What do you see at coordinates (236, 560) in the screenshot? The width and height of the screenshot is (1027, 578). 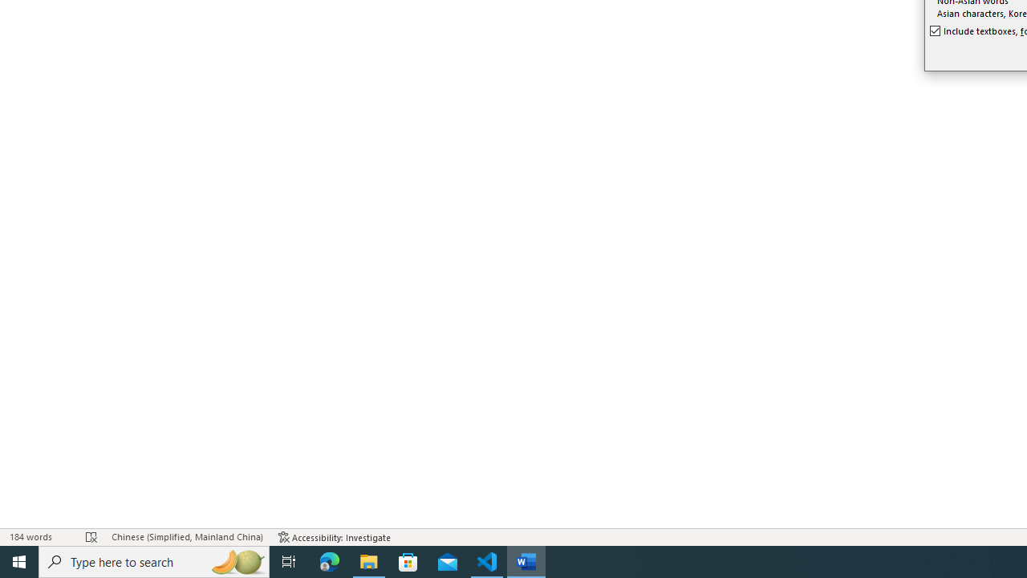 I see `'Search highlights icon opens search home window'` at bounding box center [236, 560].